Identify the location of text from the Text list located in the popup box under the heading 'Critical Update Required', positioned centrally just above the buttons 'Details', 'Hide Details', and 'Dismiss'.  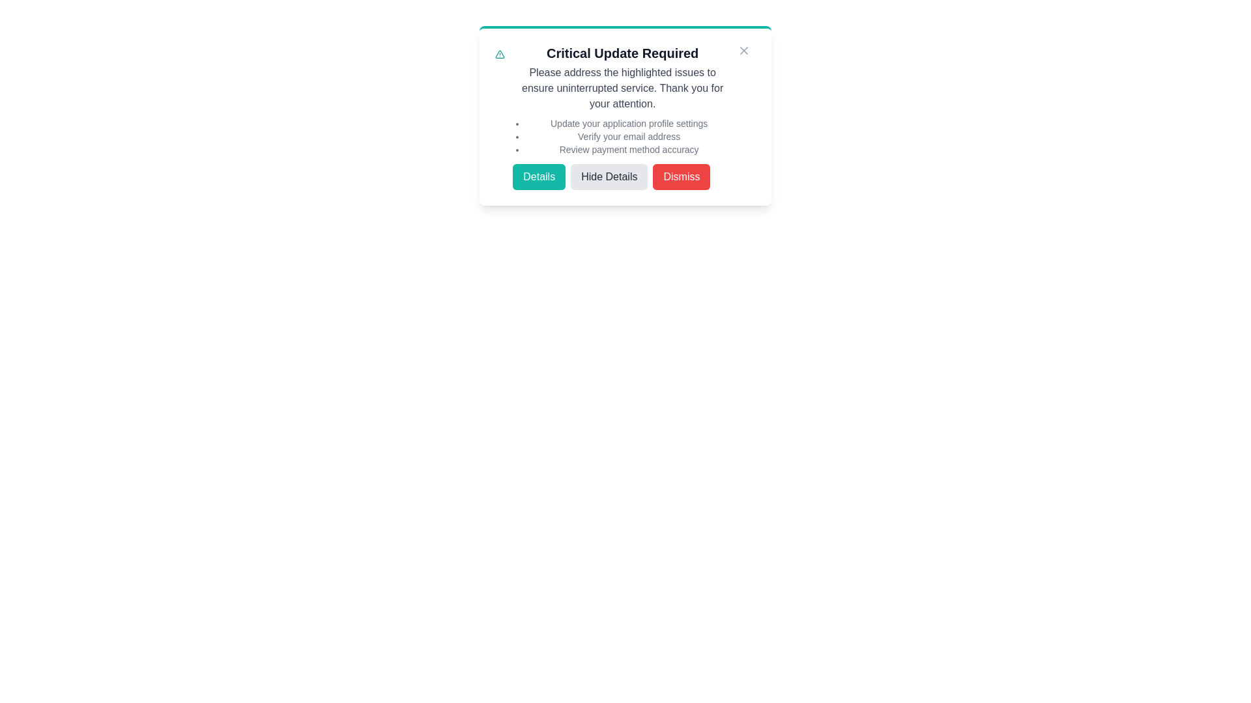
(629, 136).